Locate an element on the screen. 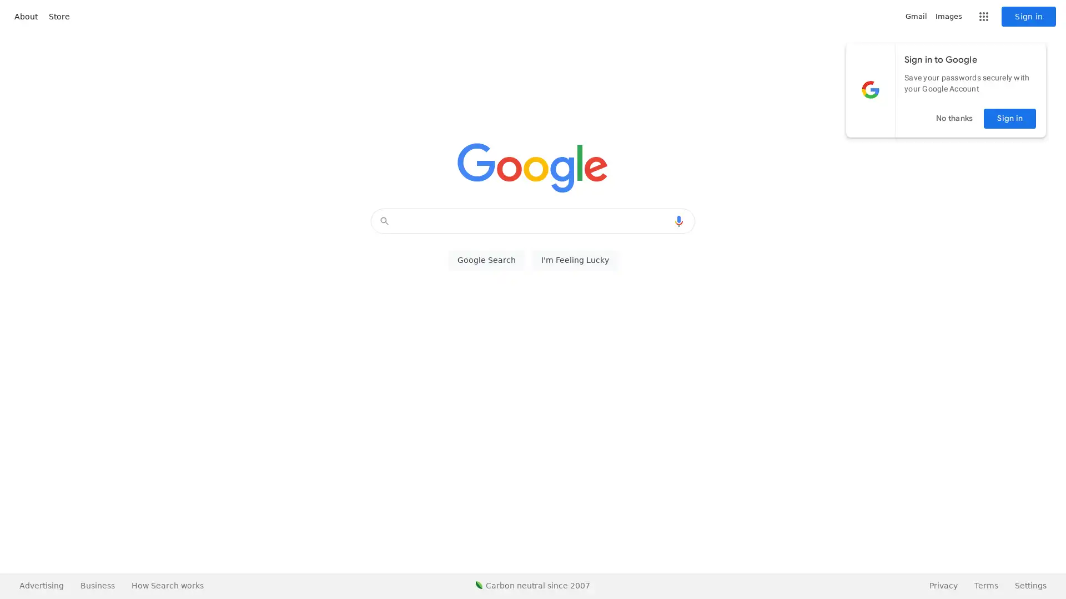 This screenshot has width=1066, height=599. Google apps is located at coordinates (983, 17).